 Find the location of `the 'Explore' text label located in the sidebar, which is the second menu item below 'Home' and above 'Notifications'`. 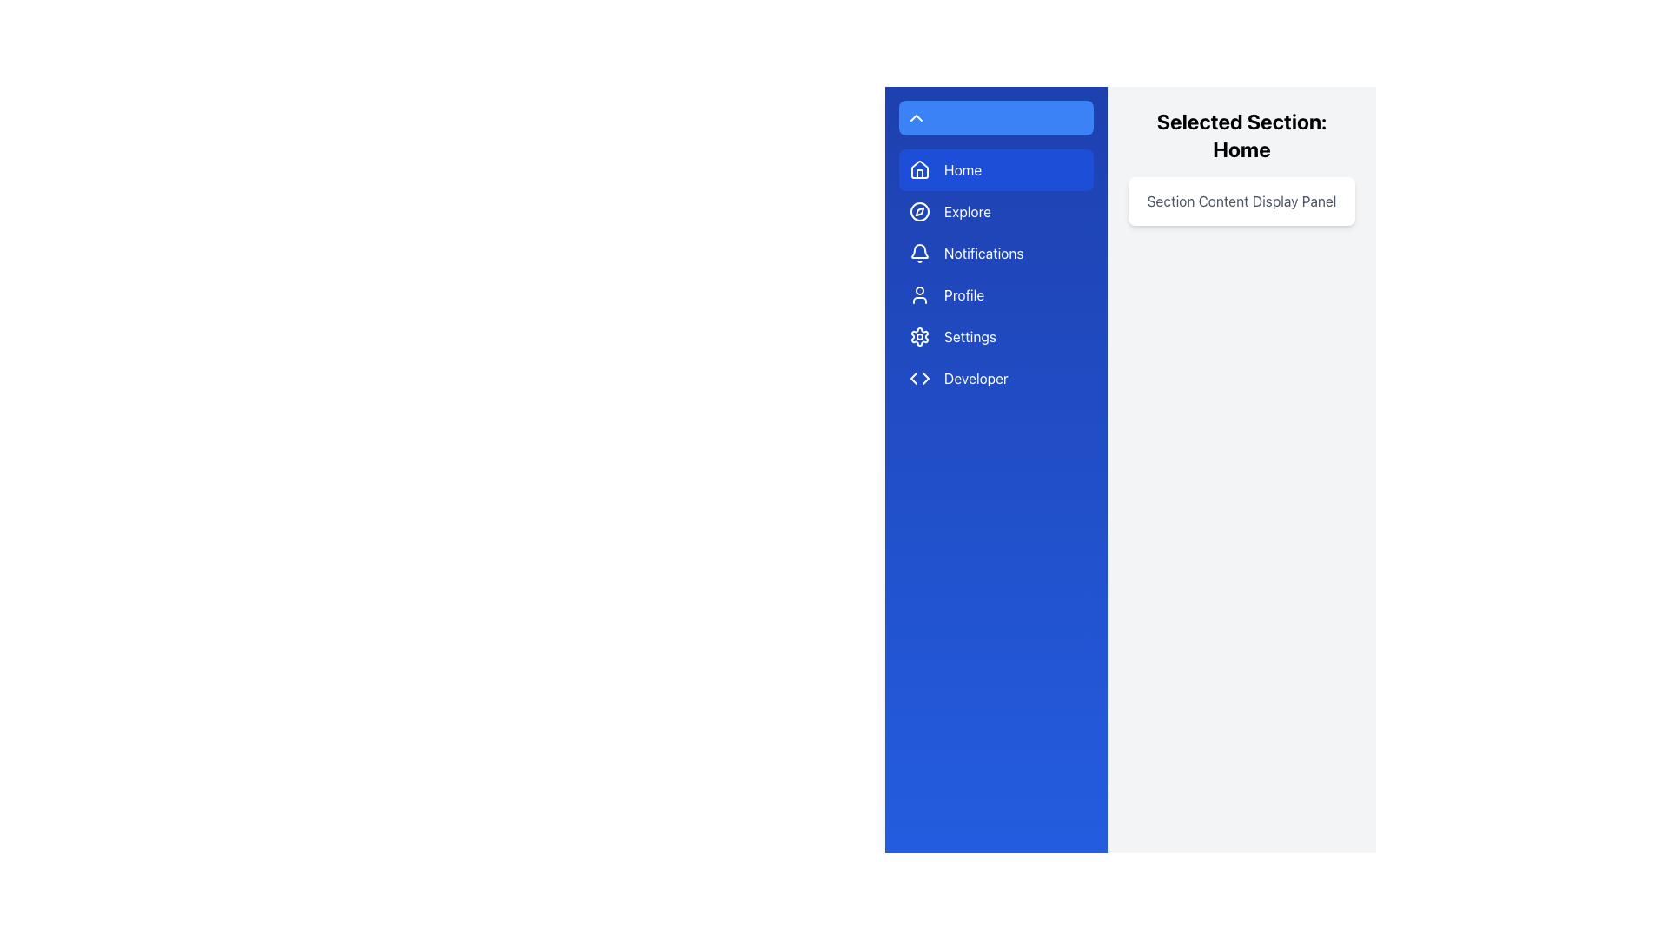

the 'Explore' text label located in the sidebar, which is the second menu item below 'Home' and above 'Notifications' is located at coordinates (966, 210).